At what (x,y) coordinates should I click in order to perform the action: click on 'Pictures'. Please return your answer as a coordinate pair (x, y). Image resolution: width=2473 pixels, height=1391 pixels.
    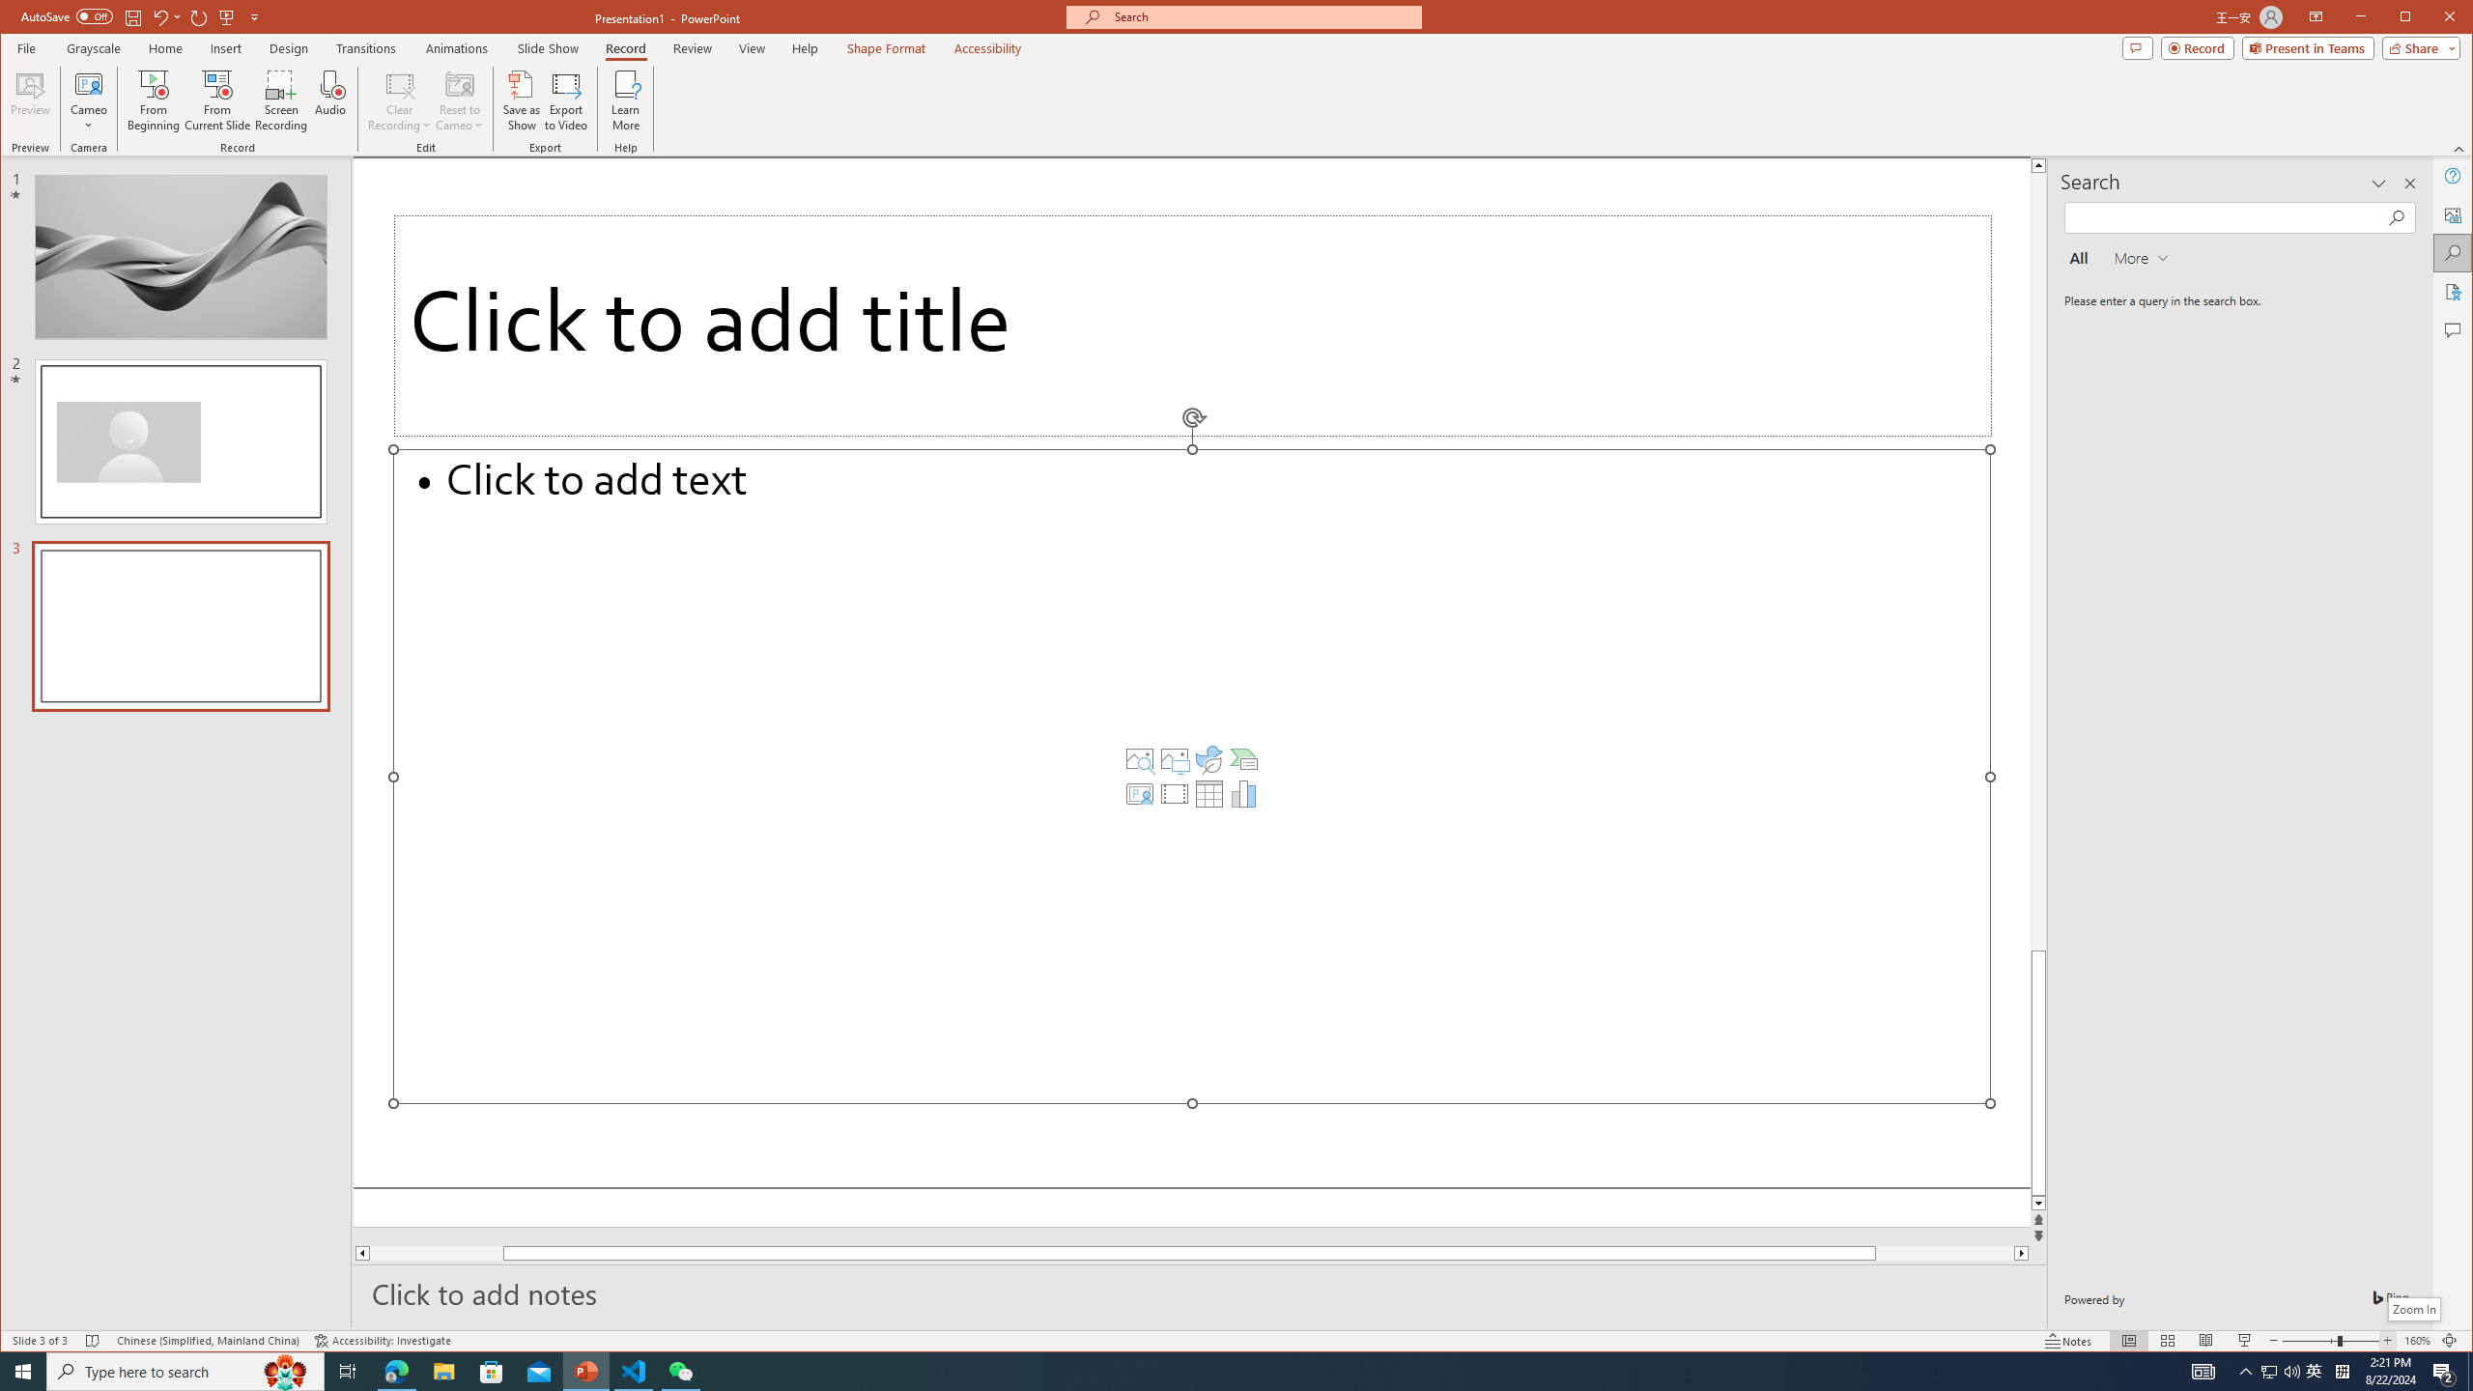
    Looking at the image, I should click on (1174, 758).